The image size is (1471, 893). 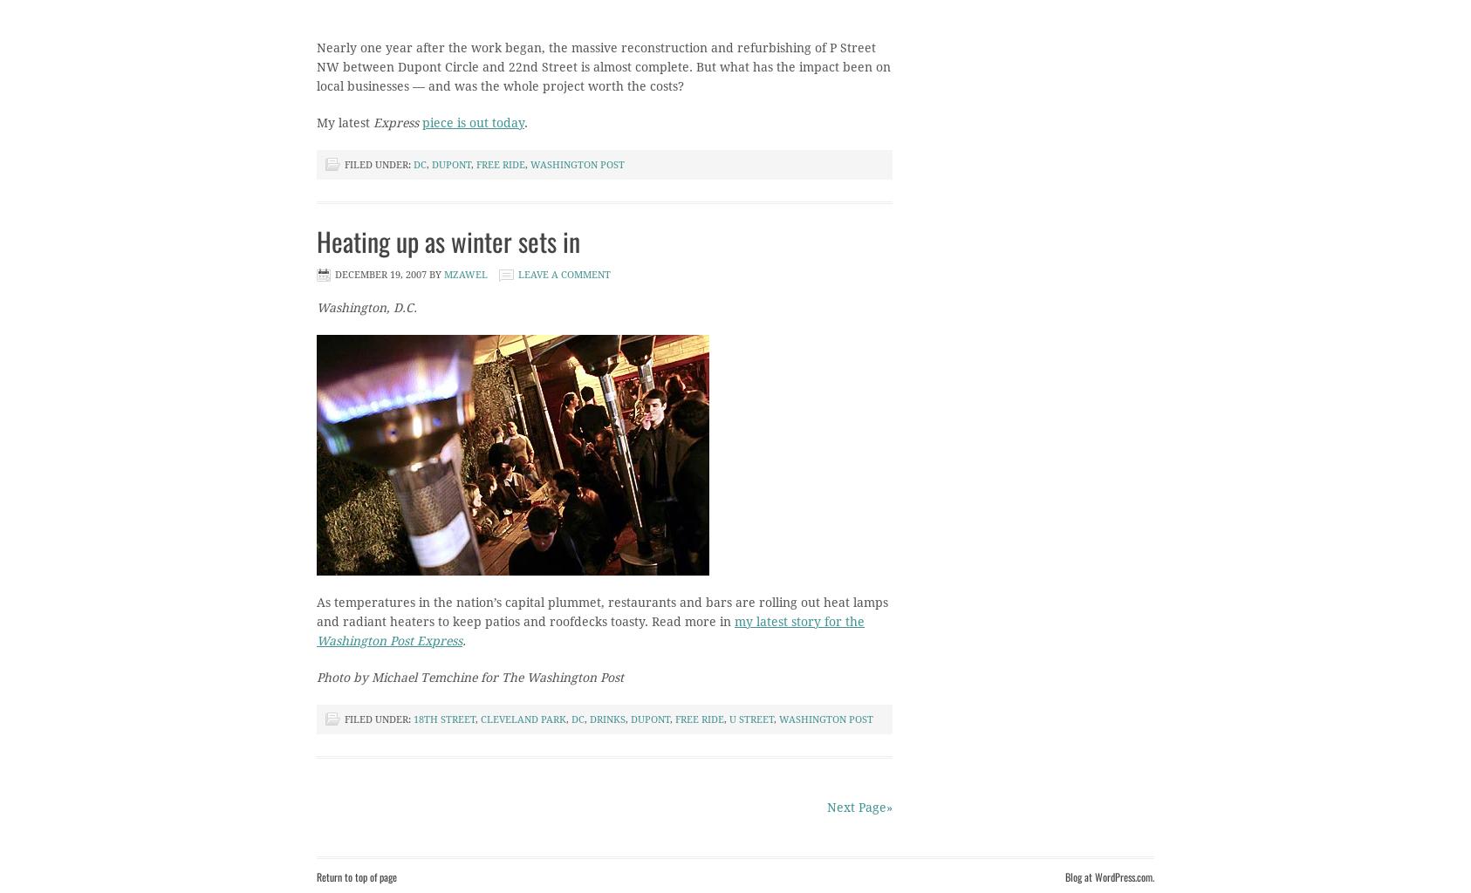 I want to click on 'Washington Post Express', so click(x=389, y=640).